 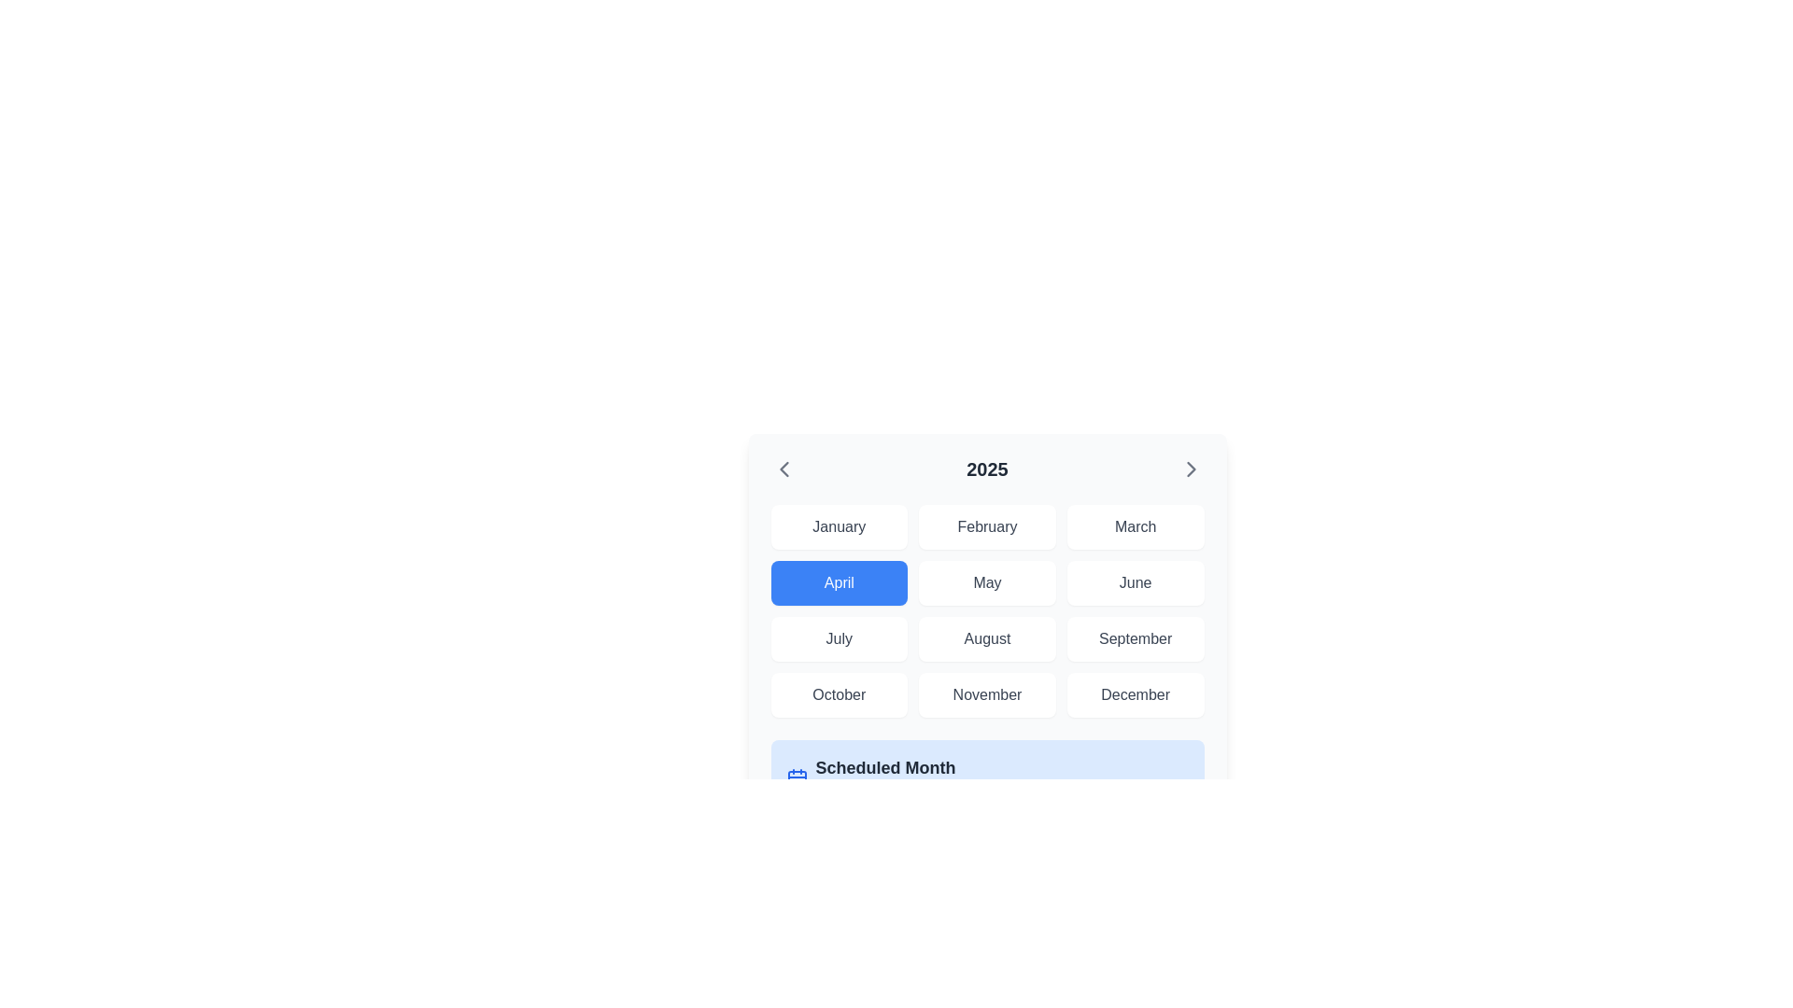 What do you see at coordinates (837, 581) in the screenshot?
I see `the button labeled 'April' which has a blue background and white text` at bounding box center [837, 581].